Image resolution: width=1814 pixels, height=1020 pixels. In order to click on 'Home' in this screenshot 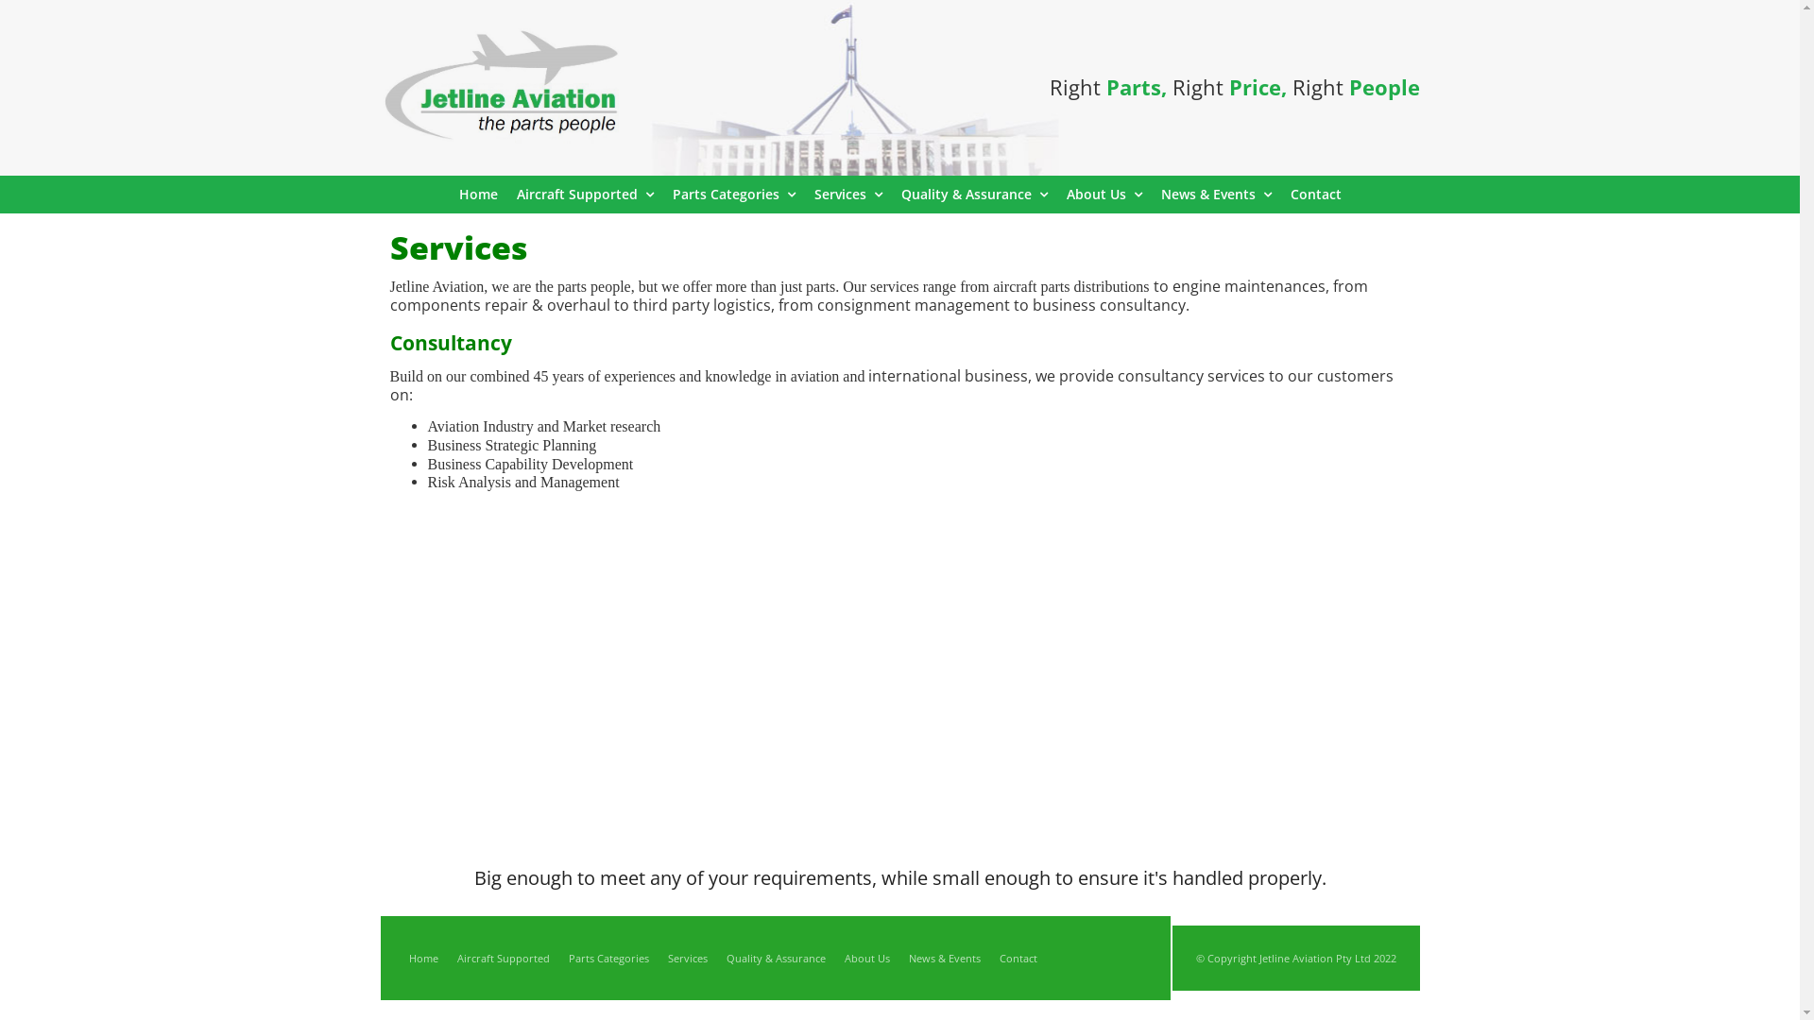, I will do `click(421, 958)`.